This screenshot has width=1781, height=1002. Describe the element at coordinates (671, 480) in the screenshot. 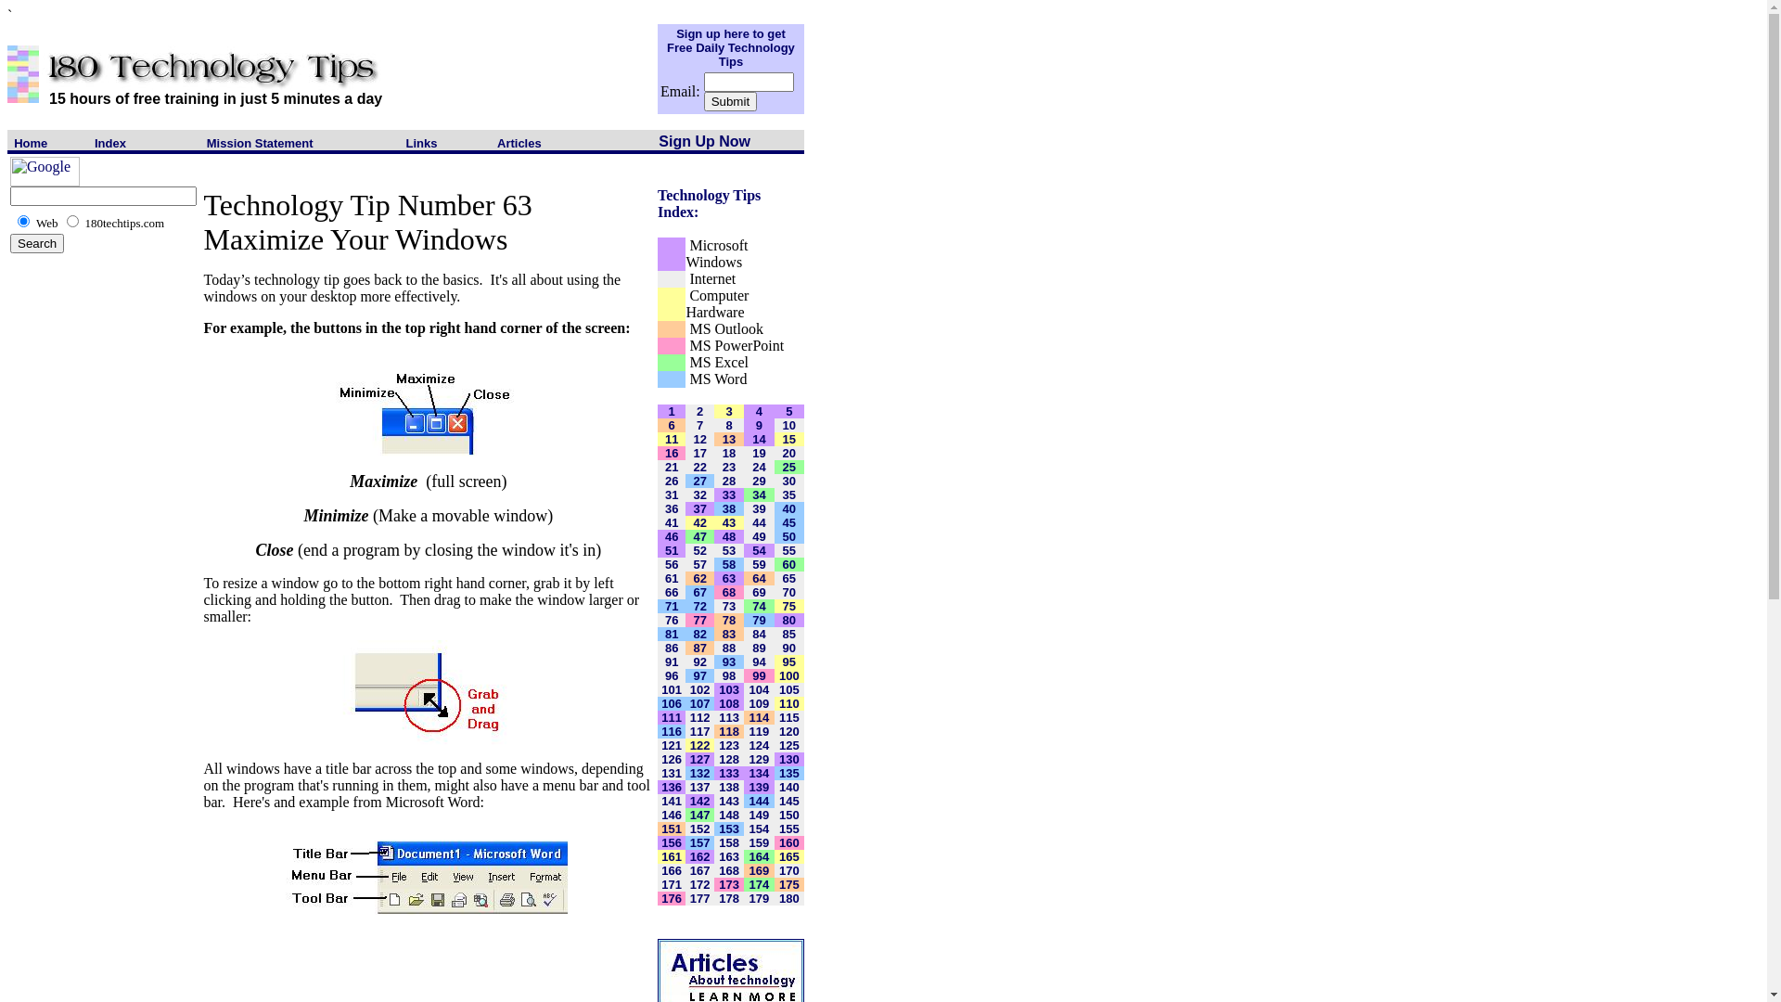

I see `'26'` at that location.